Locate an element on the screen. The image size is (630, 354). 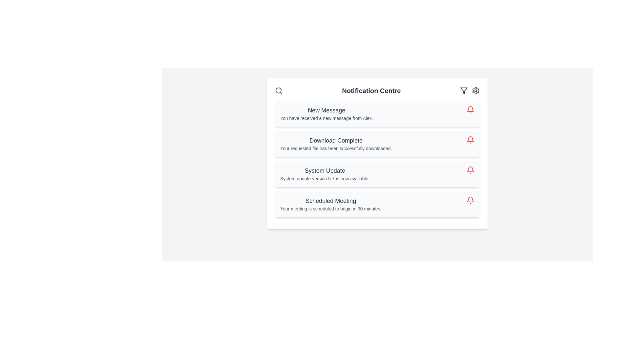
the static informational text displaying 'System update version 5.7 is now available.' which is located below the title 'System Update' in the notification card is located at coordinates (325, 178).